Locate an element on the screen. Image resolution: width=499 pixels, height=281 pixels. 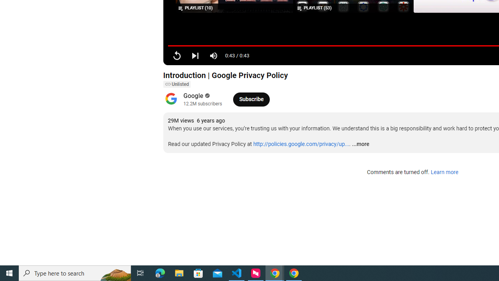
'Mute (m)' is located at coordinates (214, 55).